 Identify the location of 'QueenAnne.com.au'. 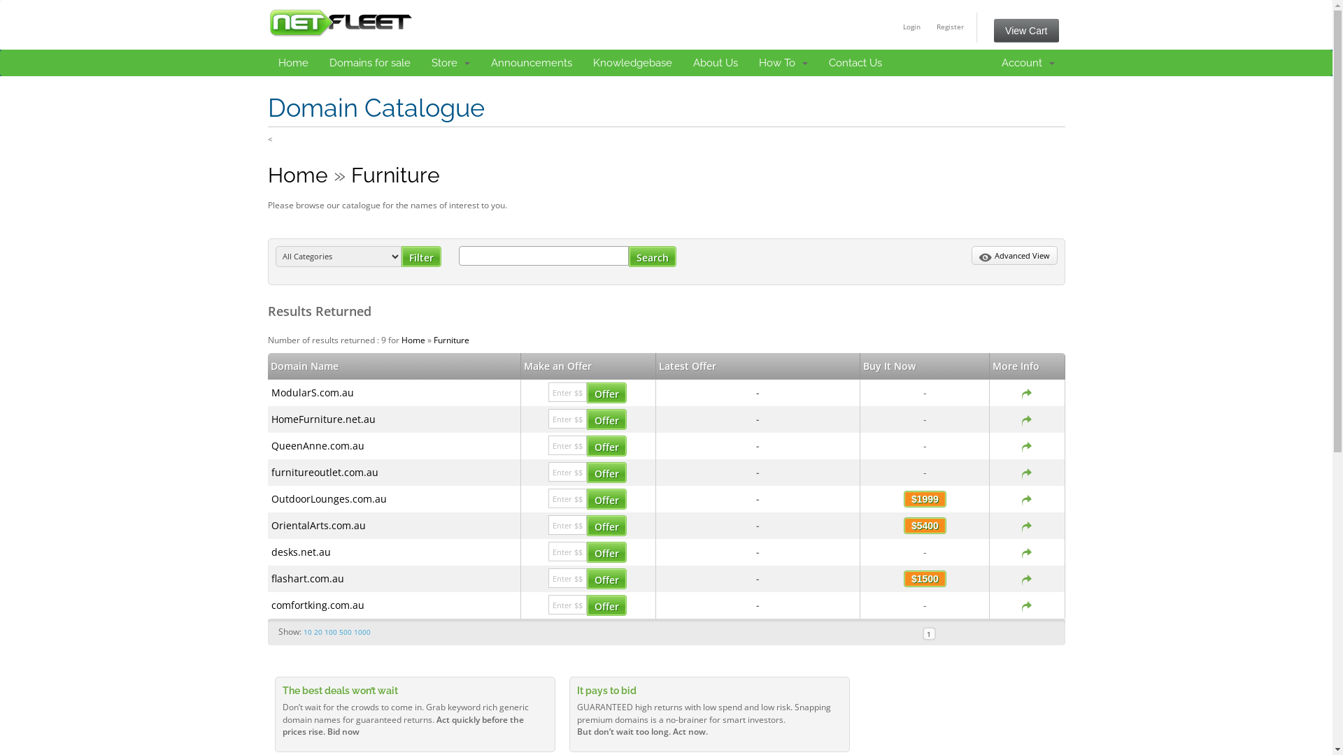
(317, 445).